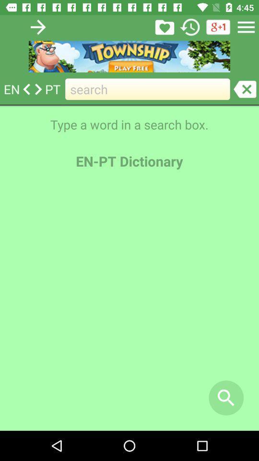 This screenshot has width=259, height=461. I want to click on history, so click(190, 26).